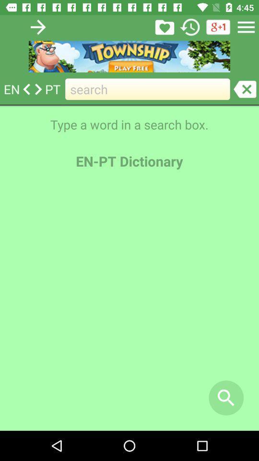 This screenshot has width=259, height=461. I want to click on history, so click(190, 26).